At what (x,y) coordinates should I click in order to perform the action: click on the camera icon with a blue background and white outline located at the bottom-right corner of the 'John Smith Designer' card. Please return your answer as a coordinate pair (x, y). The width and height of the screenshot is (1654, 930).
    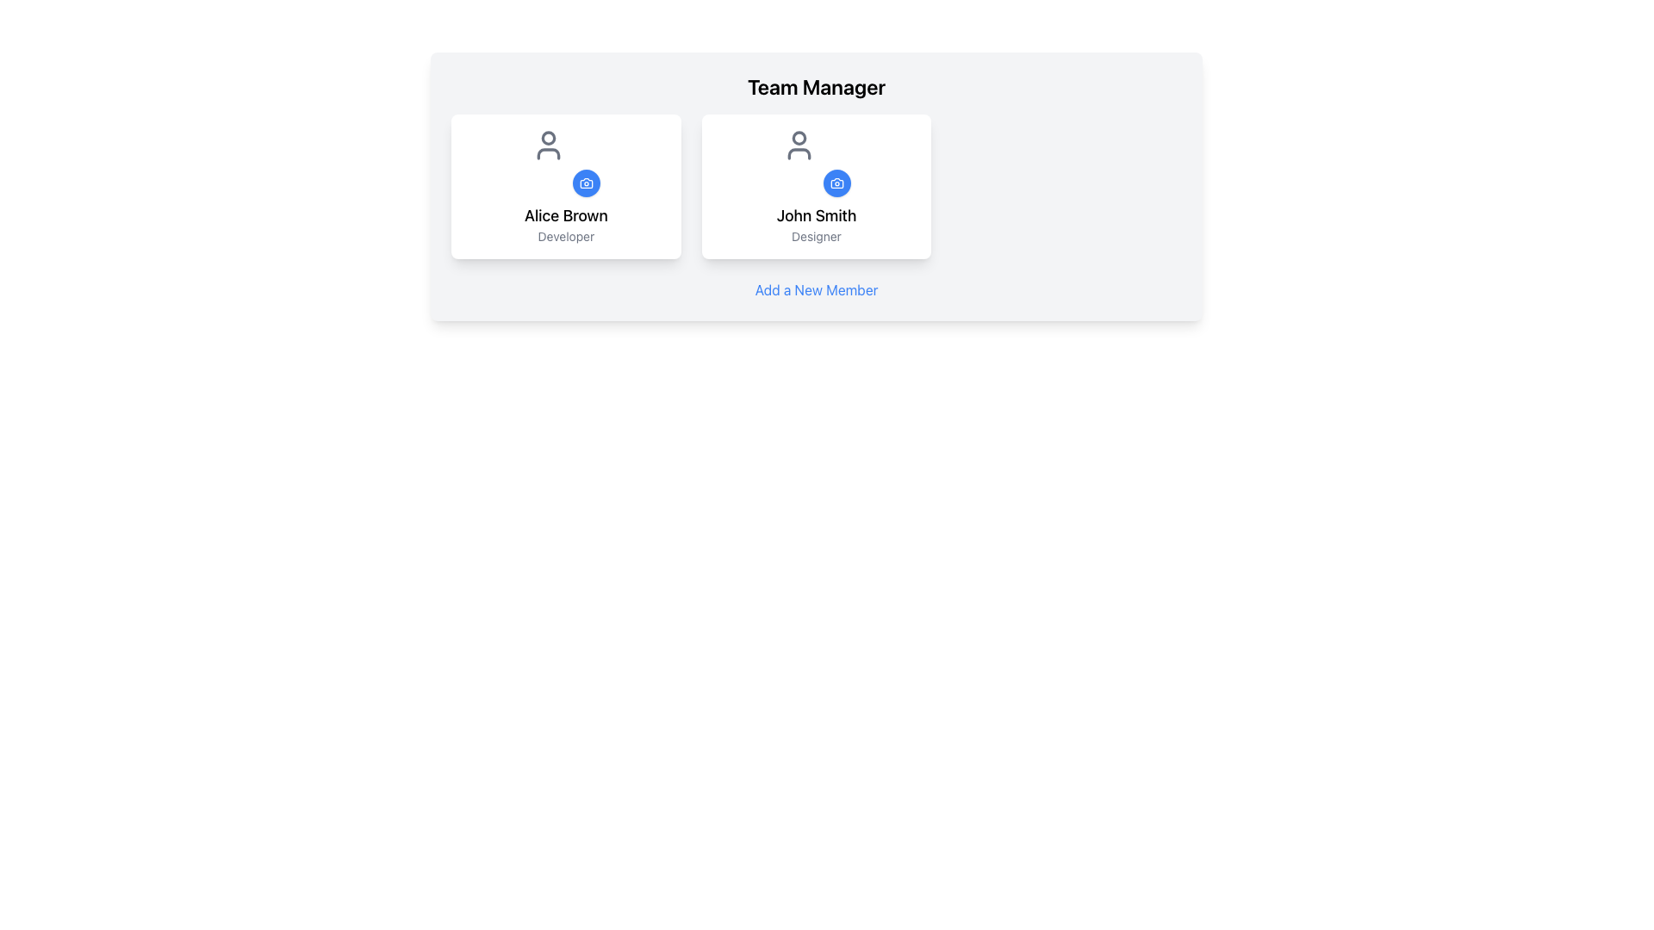
    Looking at the image, I should click on (836, 183).